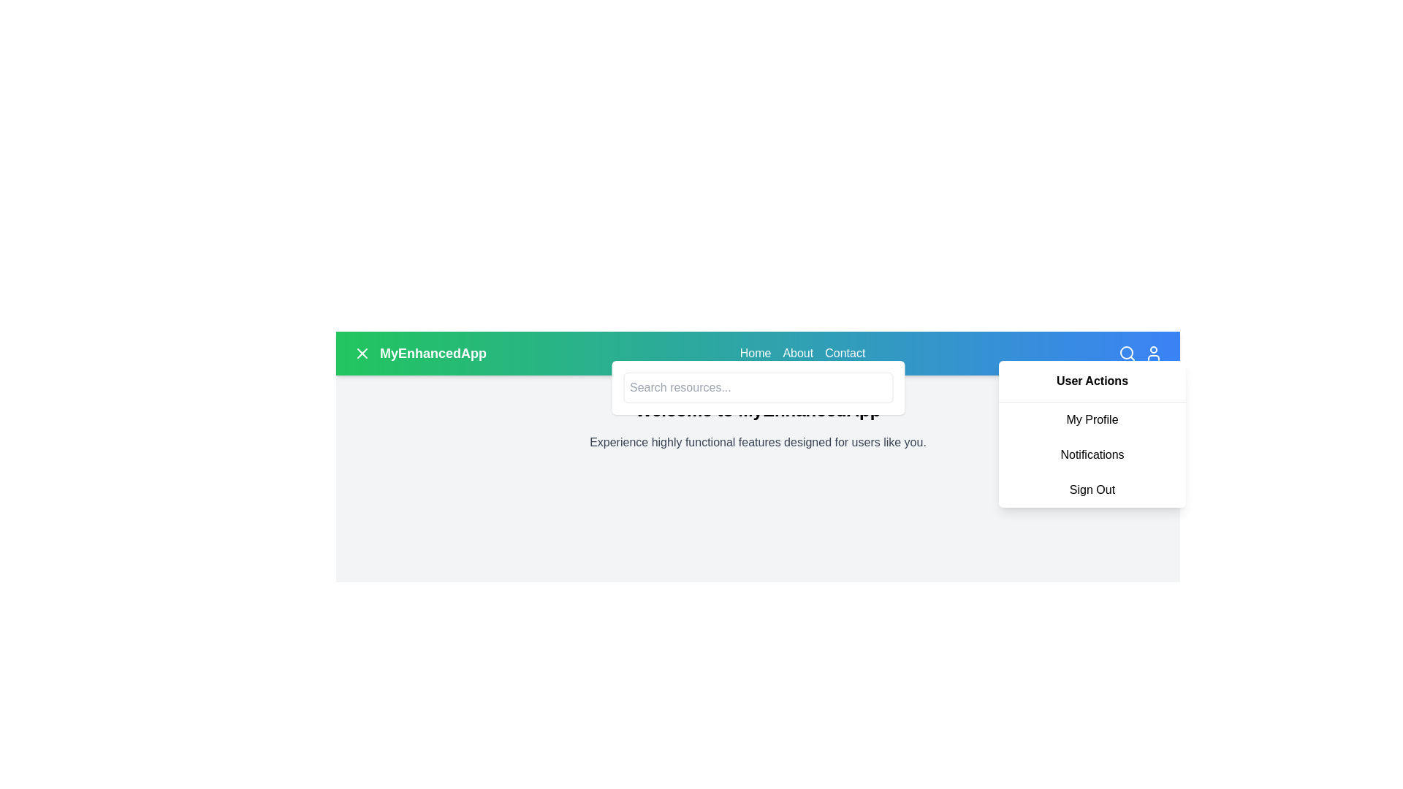 This screenshot has width=1403, height=789. What do you see at coordinates (1139, 353) in the screenshot?
I see `the user profile icon located at the top-right corner of the navigation bar` at bounding box center [1139, 353].